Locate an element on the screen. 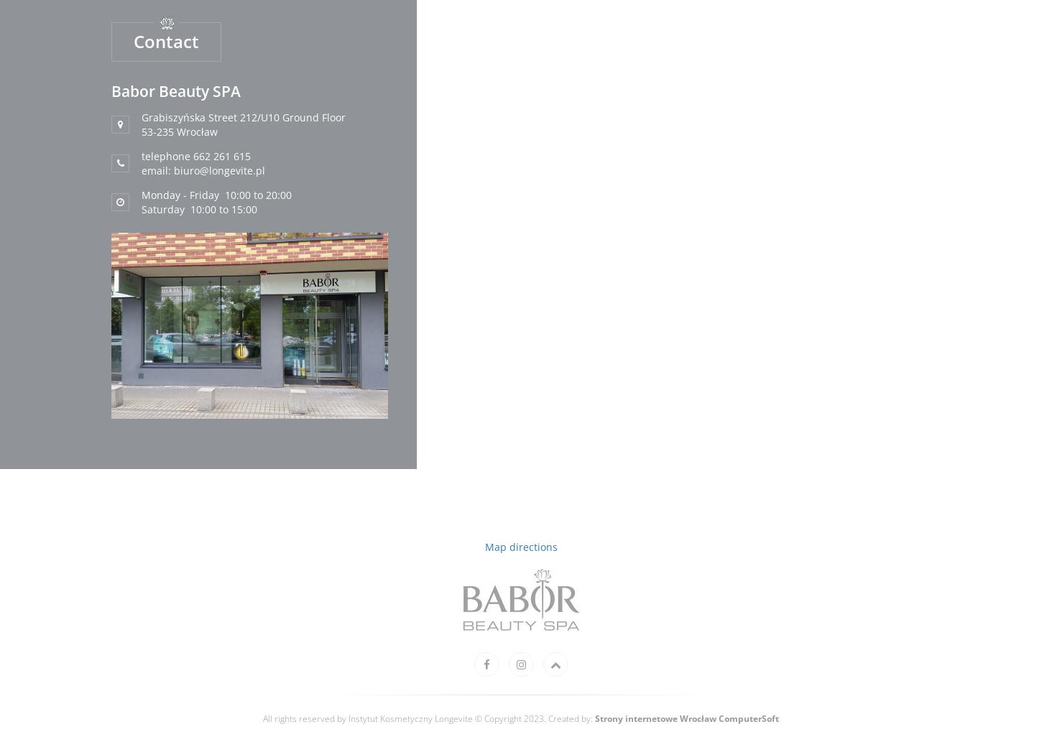 The image size is (1042, 742). 'Grabiszyńska Street 212/U10 Ground Floor' is located at coordinates (244, 116).